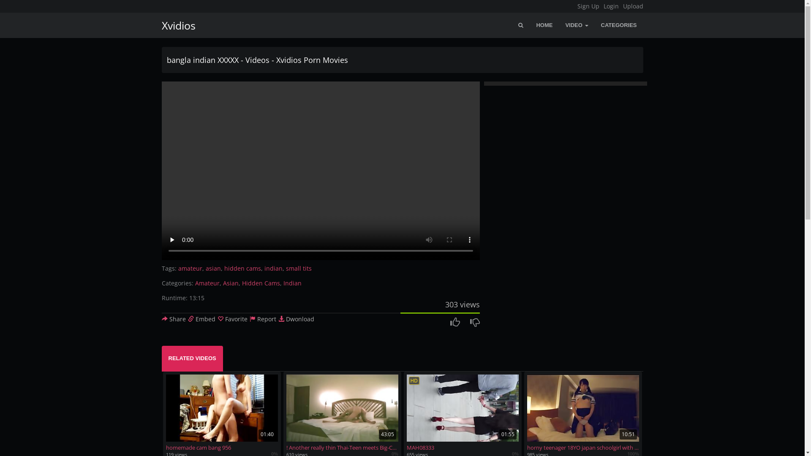  What do you see at coordinates (273, 268) in the screenshot?
I see `'indian'` at bounding box center [273, 268].